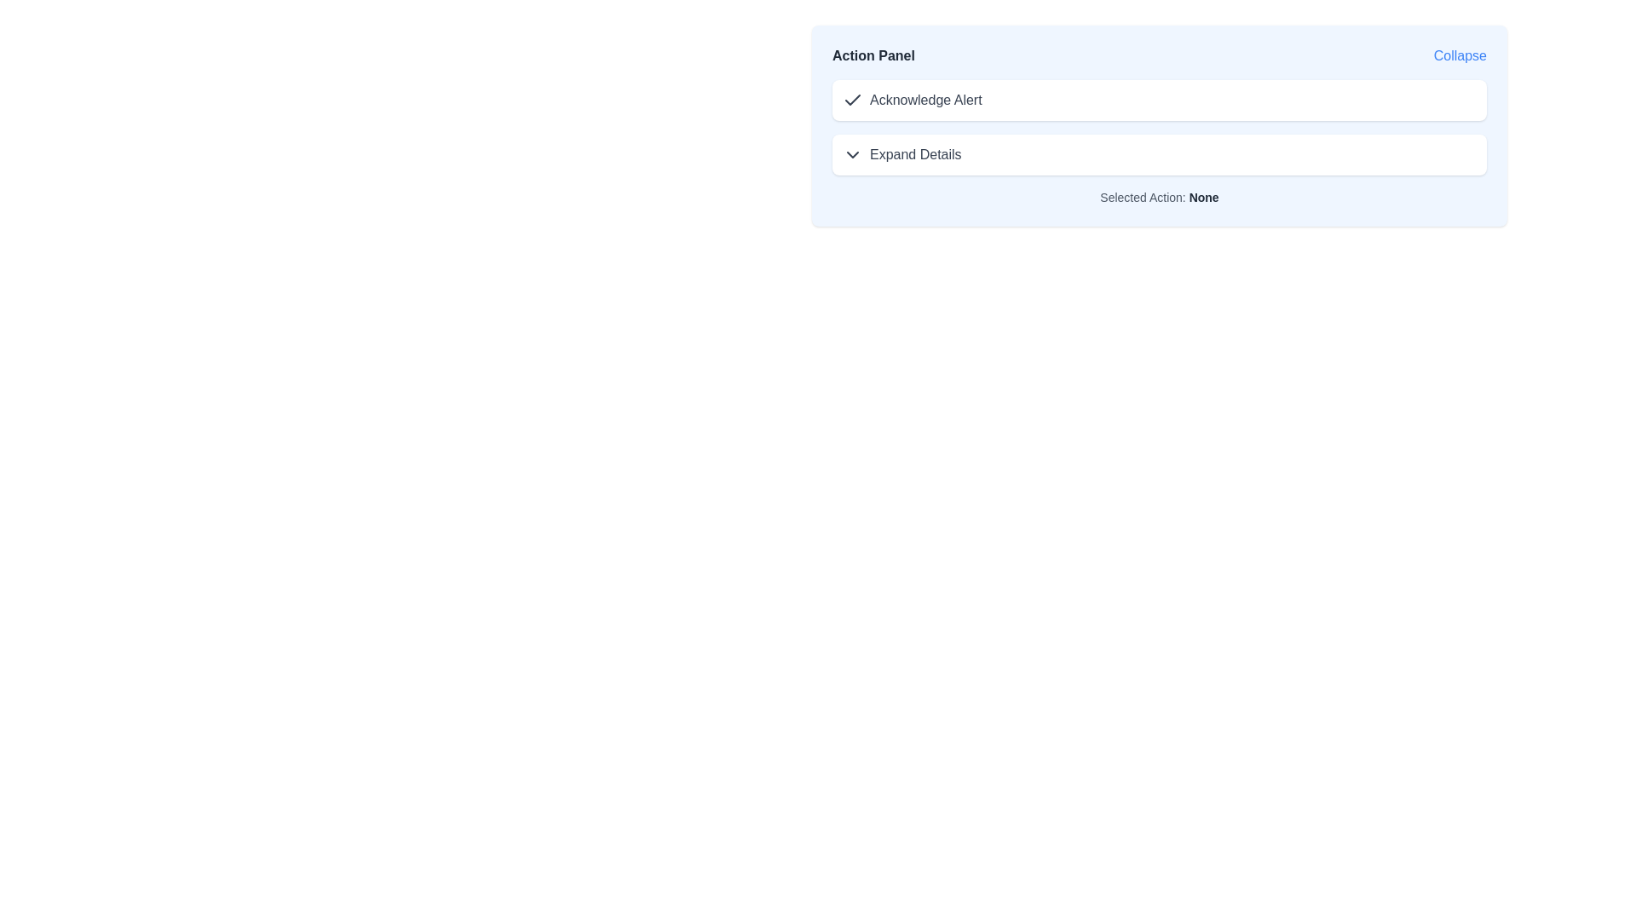  Describe the element at coordinates (853, 101) in the screenshot. I see `checkmark icon within the checkbox for the 'Acknowledge Alert' option in the Action Panel section of the interface` at that location.